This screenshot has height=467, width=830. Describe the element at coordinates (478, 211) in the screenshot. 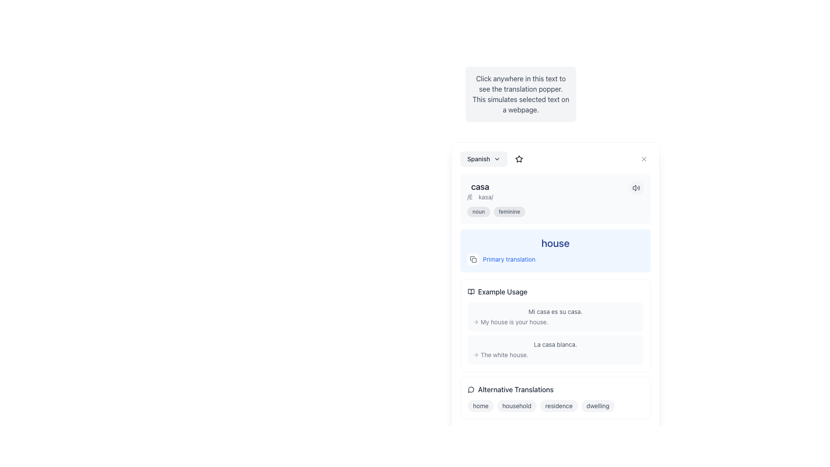

I see `the first tag or label that indicates the grammatical role of the word 'casa', positioned beneath 'casa' and above 'house', located at the top-left part of the interface` at that location.